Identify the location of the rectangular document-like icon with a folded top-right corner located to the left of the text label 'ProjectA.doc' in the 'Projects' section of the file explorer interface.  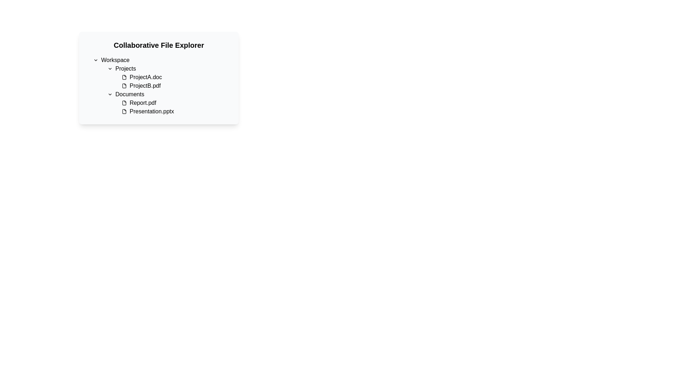
(124, 77).